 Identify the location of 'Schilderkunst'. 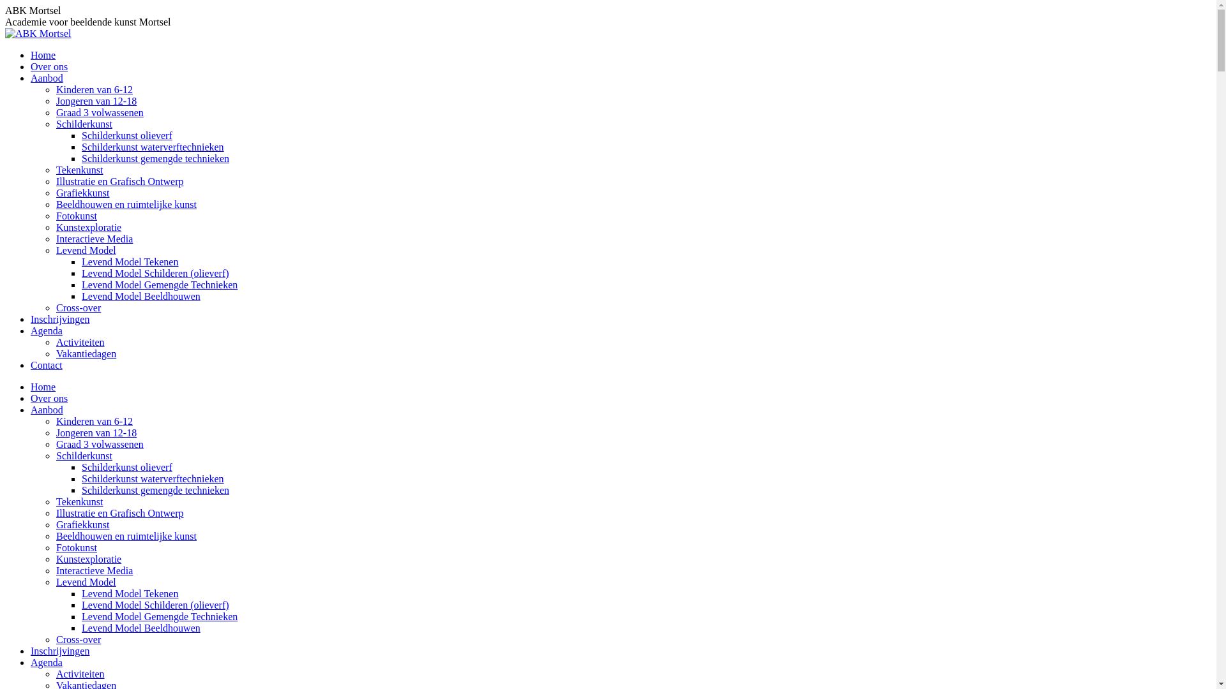
(83, 455).